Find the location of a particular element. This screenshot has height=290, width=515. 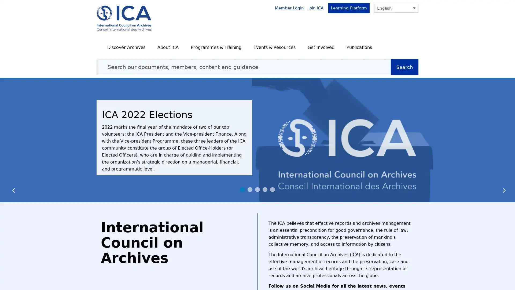

Next slide is located at coordinates (503, 187).